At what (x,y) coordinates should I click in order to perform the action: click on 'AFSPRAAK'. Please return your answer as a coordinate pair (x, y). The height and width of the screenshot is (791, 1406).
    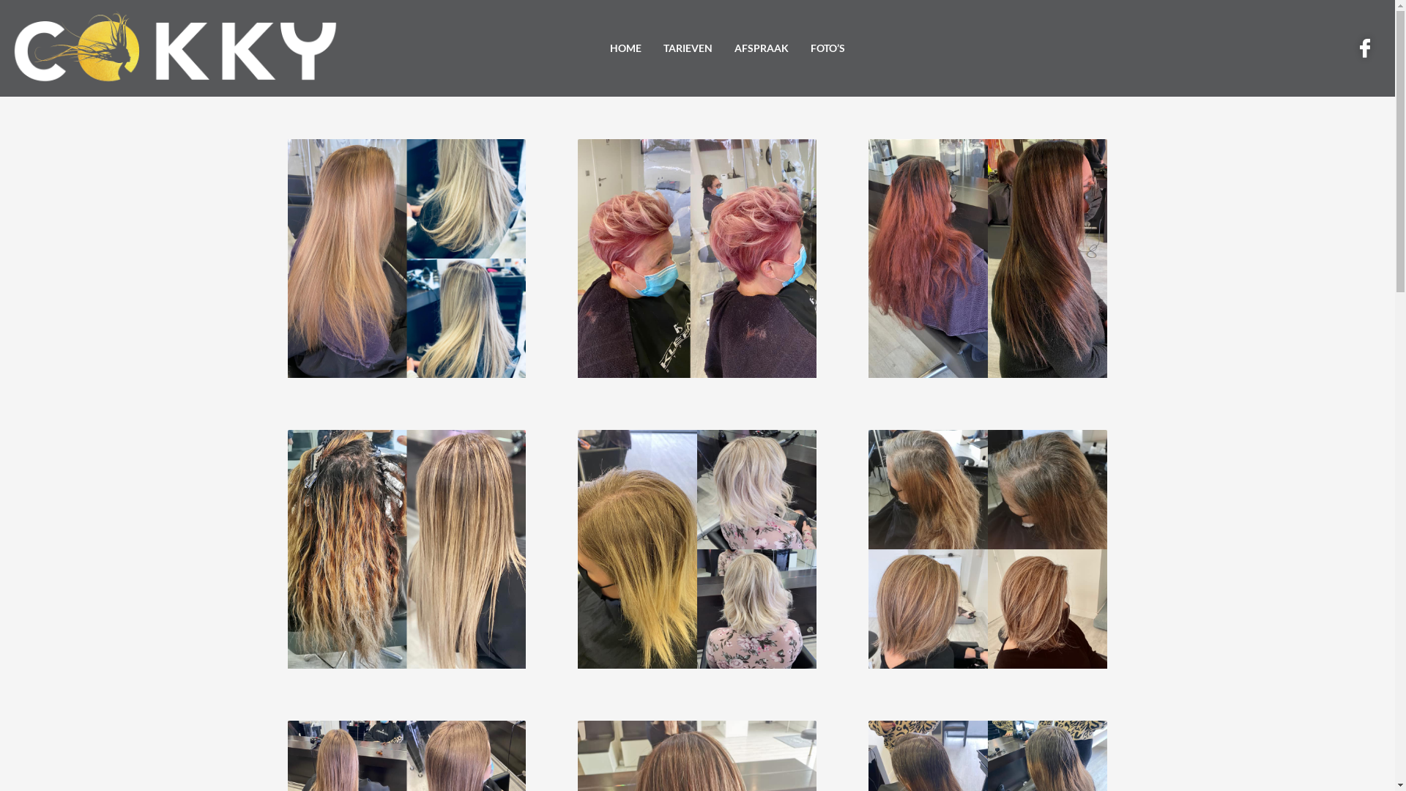
    Looking at the image, I should click on (724, 48).